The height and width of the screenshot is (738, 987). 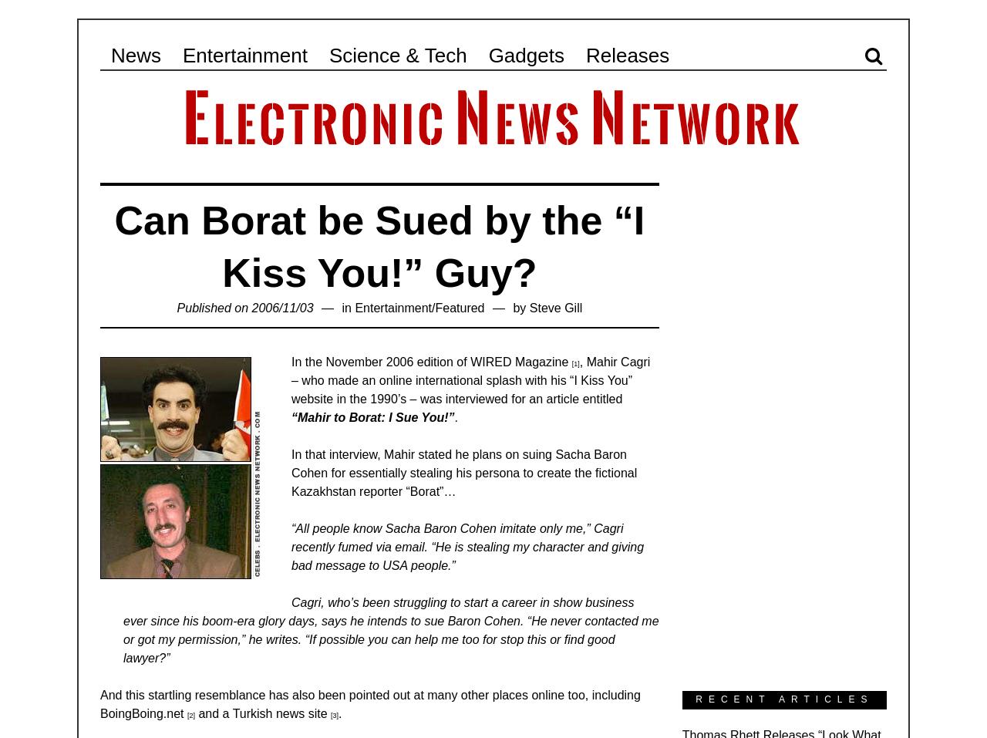 What do you see at coordinates (370, 704) in the screenshot?
I see `'And this startling resemblance has also been pointed out at many other places online too, including BoingBoing.net'` at bounding box center [370, 704].